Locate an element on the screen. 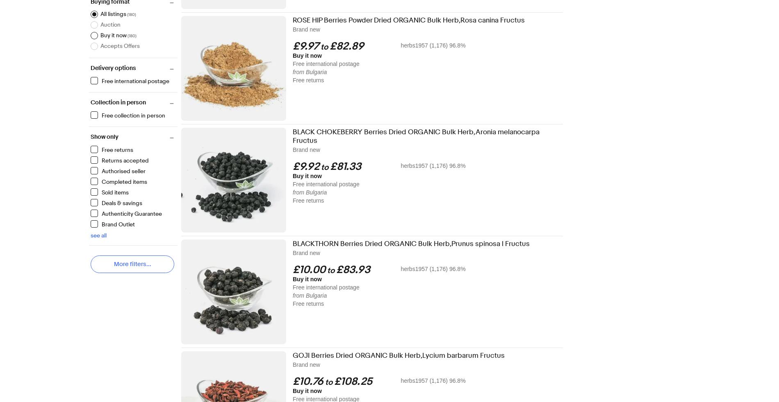 This screenshot has height=402, width=779. 'BLACKTHORN Berries Dried ORGANIC Bulk Herb,Prunus spinosa l Fructus' is located at coordinates (411, 243).